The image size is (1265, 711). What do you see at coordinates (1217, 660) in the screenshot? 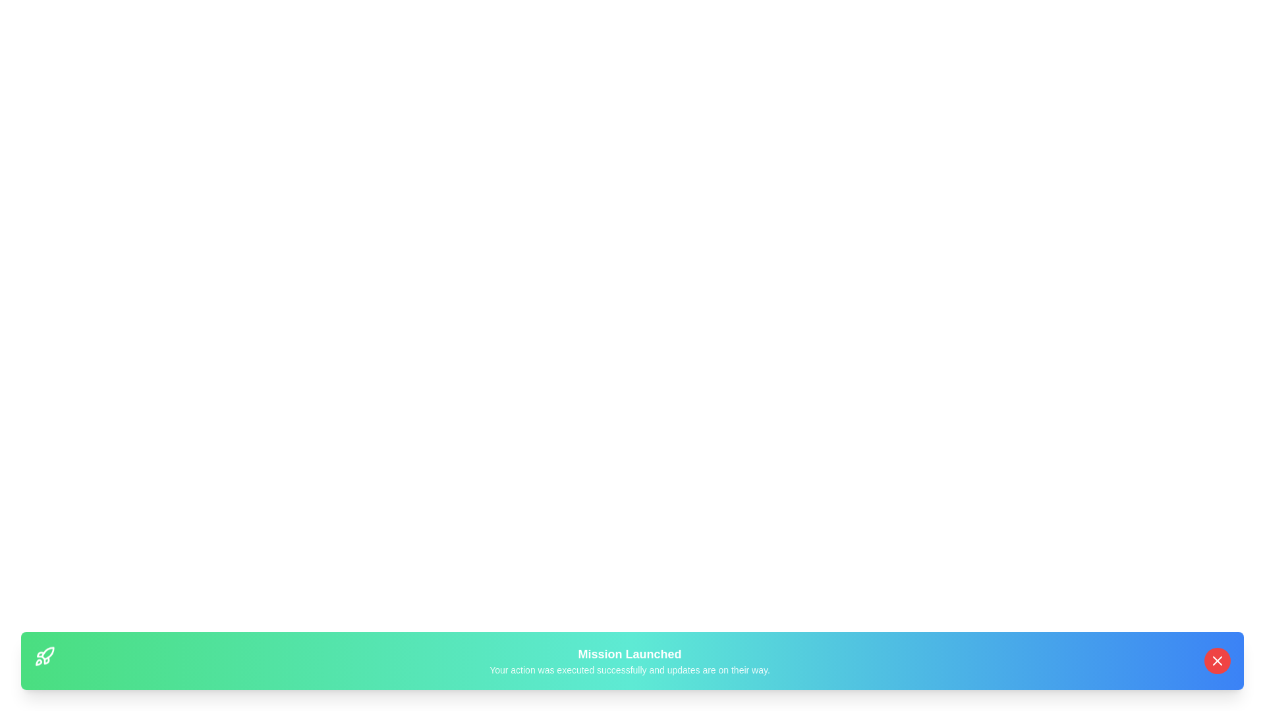
I see `the red button to close the snackbar` at bounding box center [1217, 660].